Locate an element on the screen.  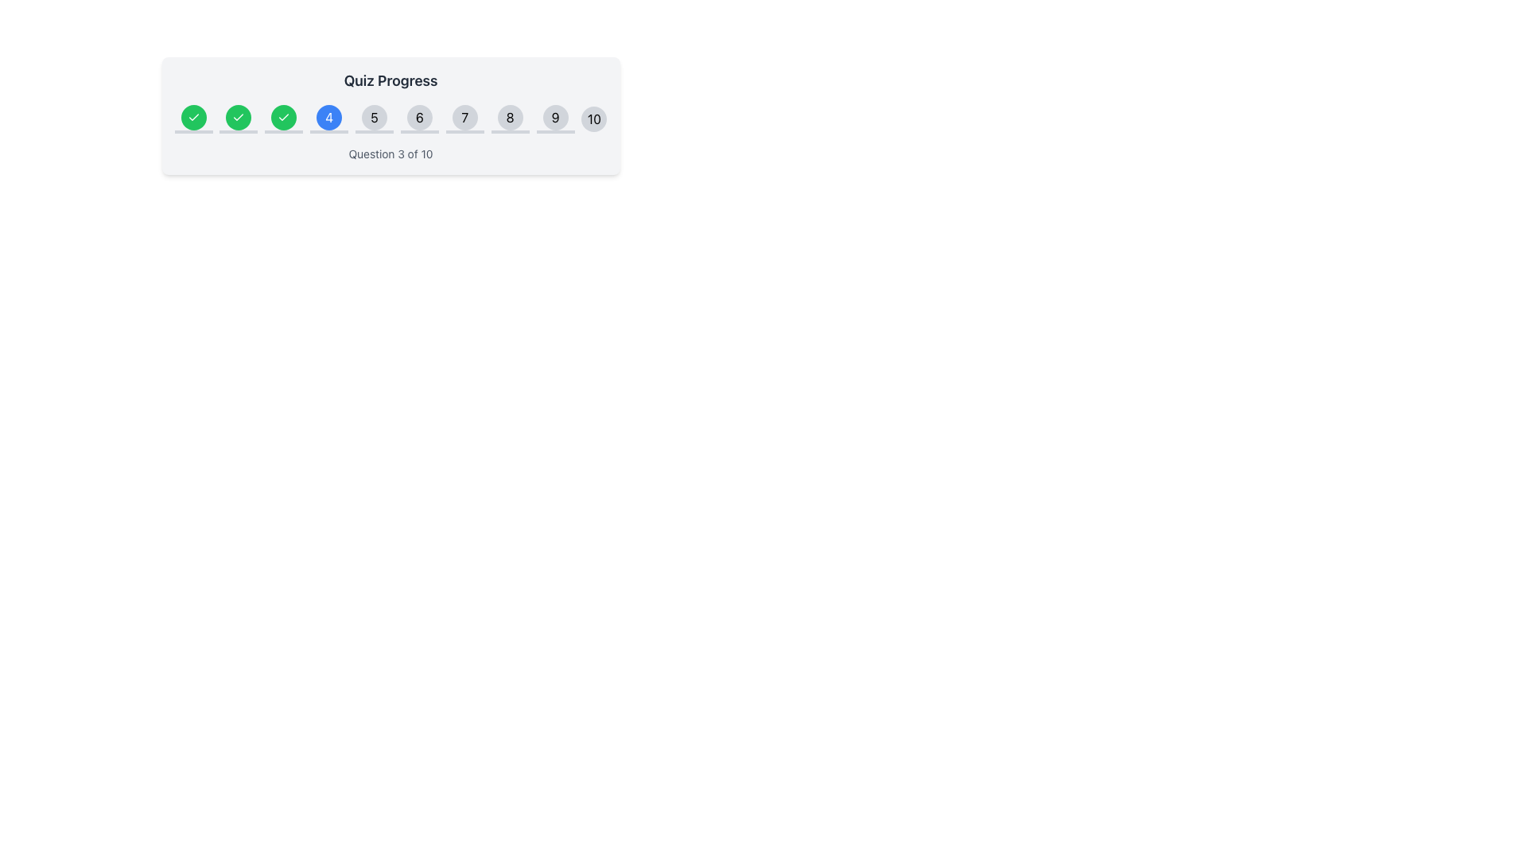
the status of the quiz completion icon located in the third step of the 'Quiz Progress' bar, which indicates the progress of the associated task is located at coordinates (238, 116).